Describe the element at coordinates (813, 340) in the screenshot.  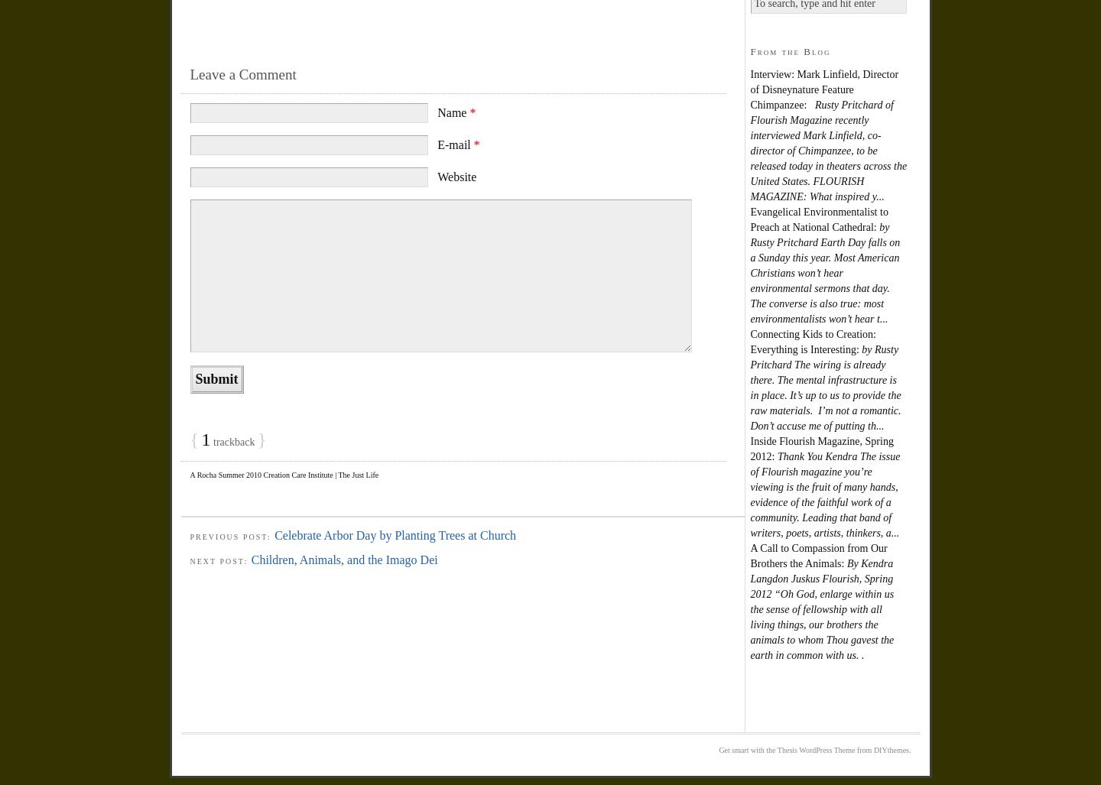
I see `'Connecting Kids to Creation: Everything is Interesting:'` at that location.